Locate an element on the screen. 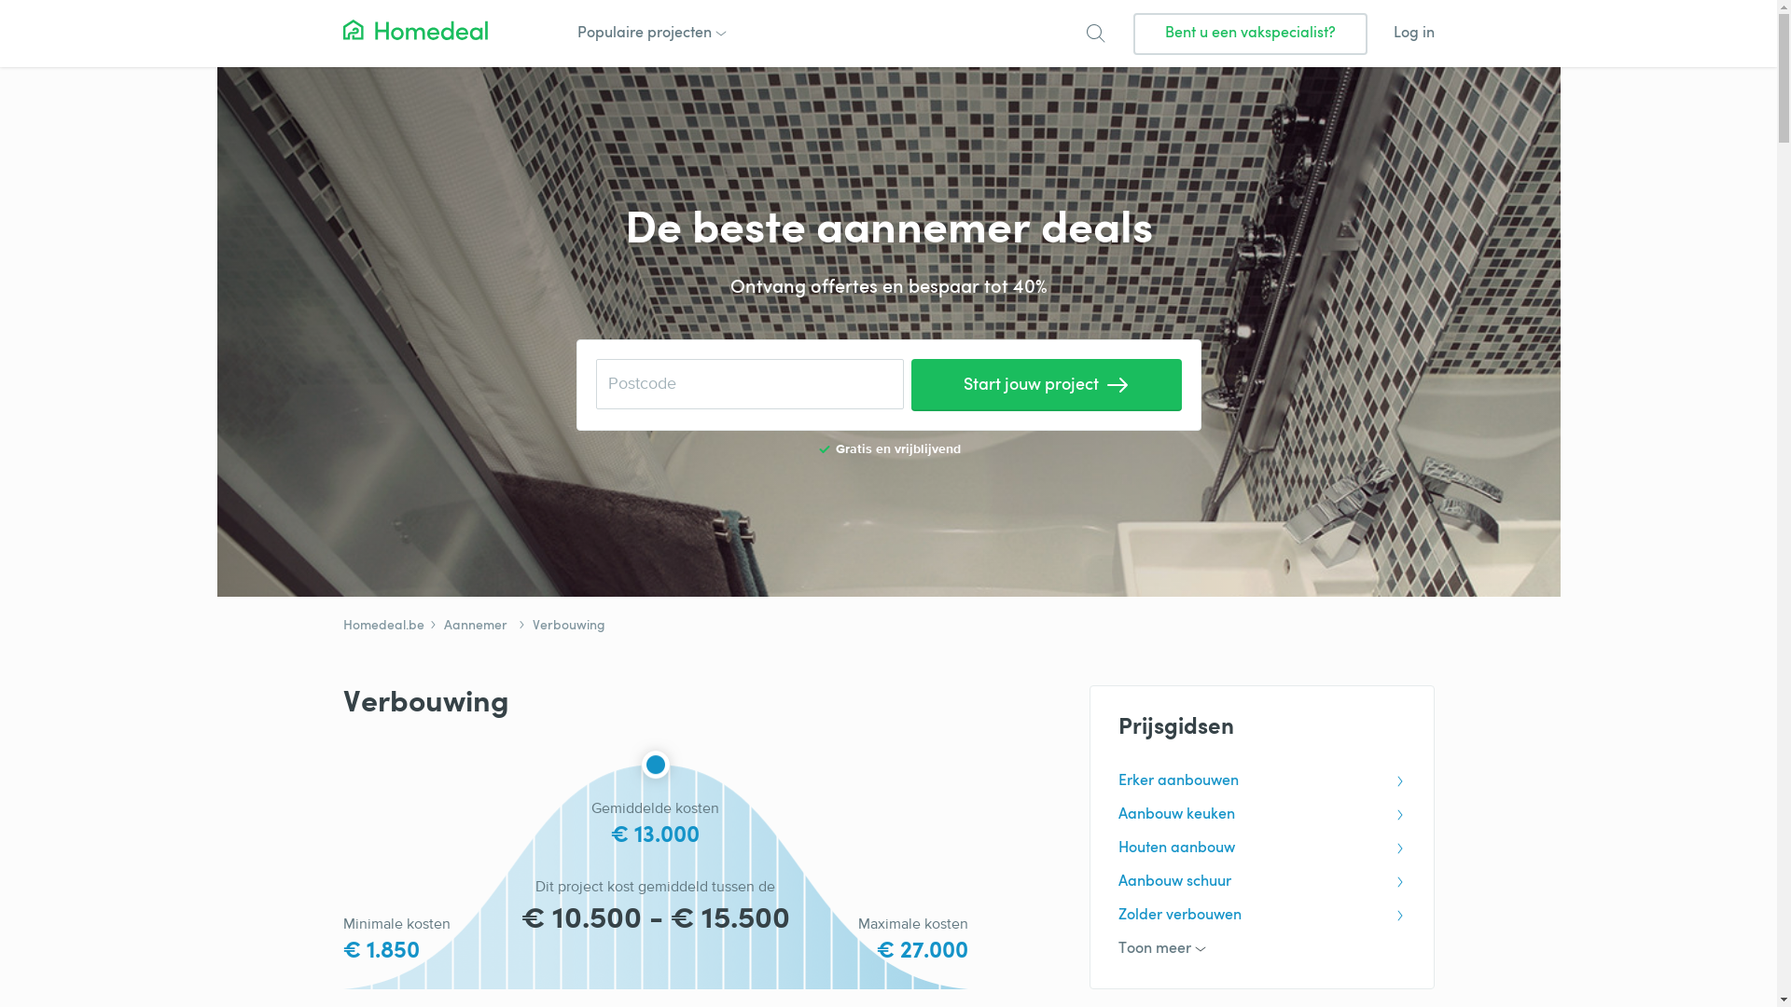 This screenshot has height=1007, width=1791. 'Aannemer' is located at coordinates (466, 626).